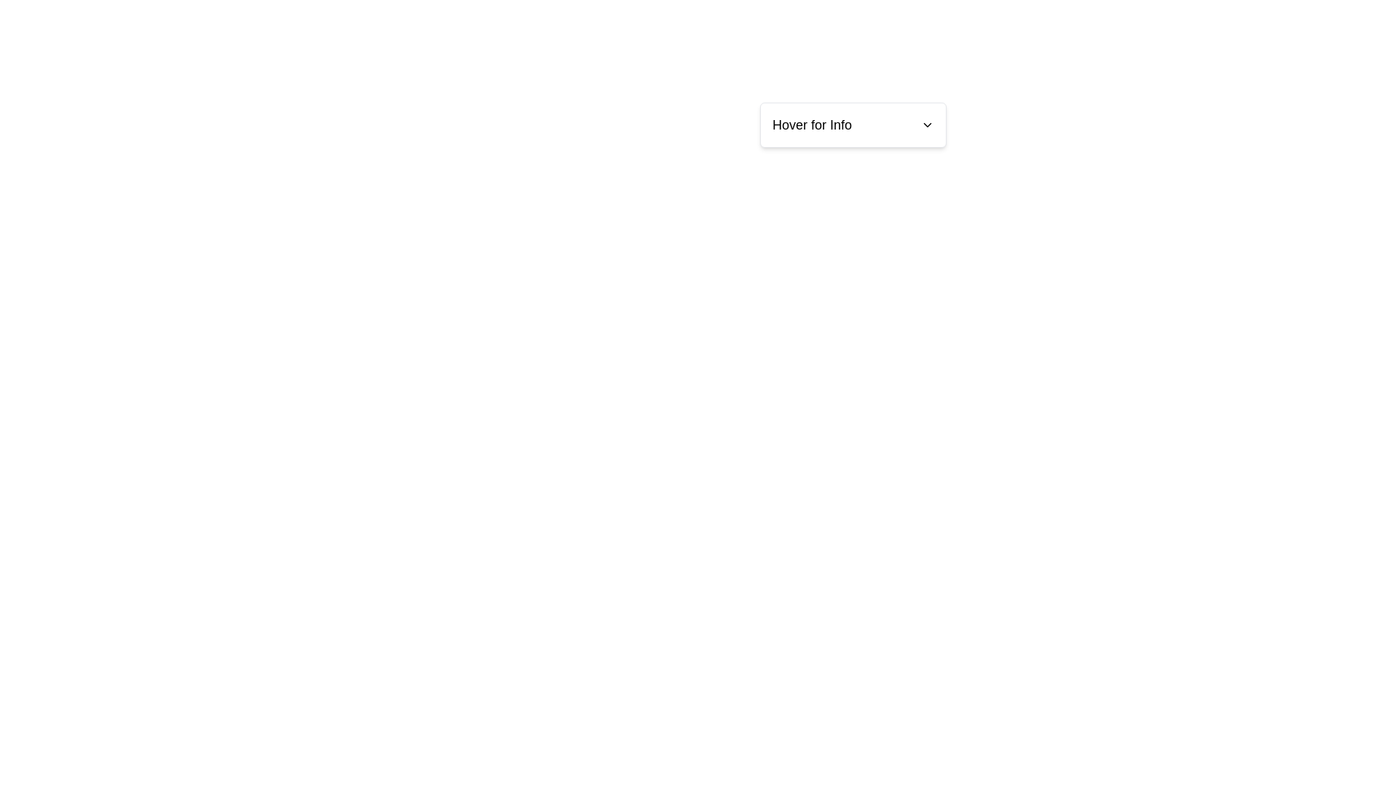  What do you see at coordinates (926, 124) in the screenshot?
I see `the downward-pointing chevron icon next to the text 'Hover for Info'` at bounding box center [926, 124].